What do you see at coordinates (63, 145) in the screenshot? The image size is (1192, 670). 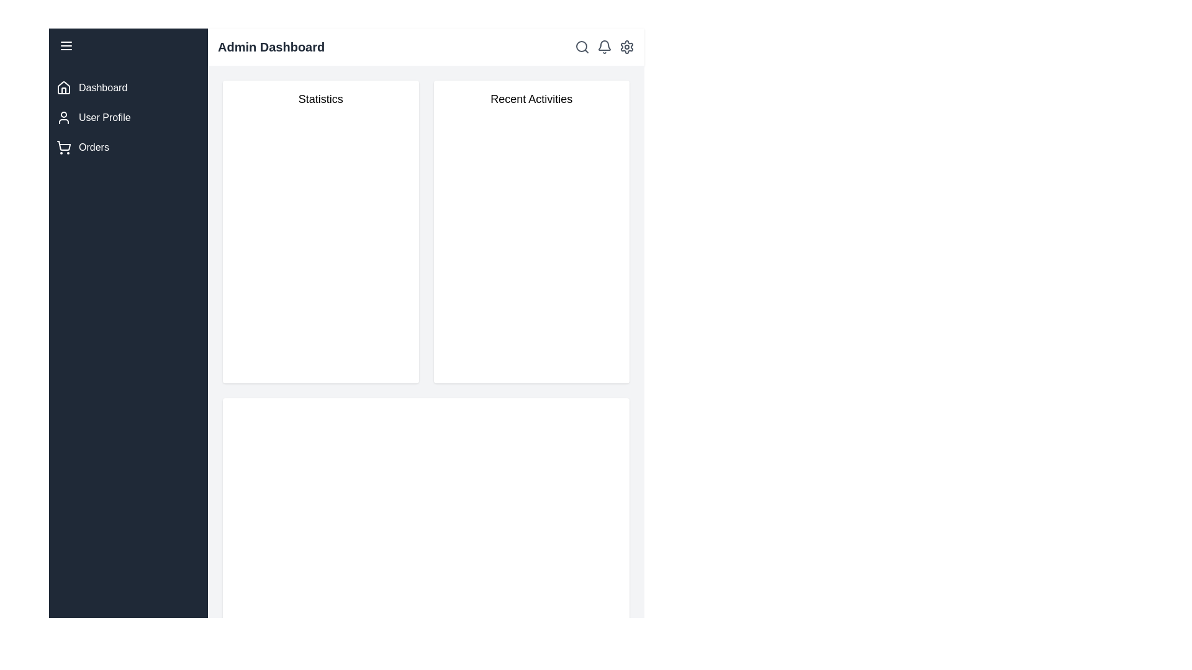 I see `the shopping cart icon in the navigation menu` at bounding box center [63, 145].